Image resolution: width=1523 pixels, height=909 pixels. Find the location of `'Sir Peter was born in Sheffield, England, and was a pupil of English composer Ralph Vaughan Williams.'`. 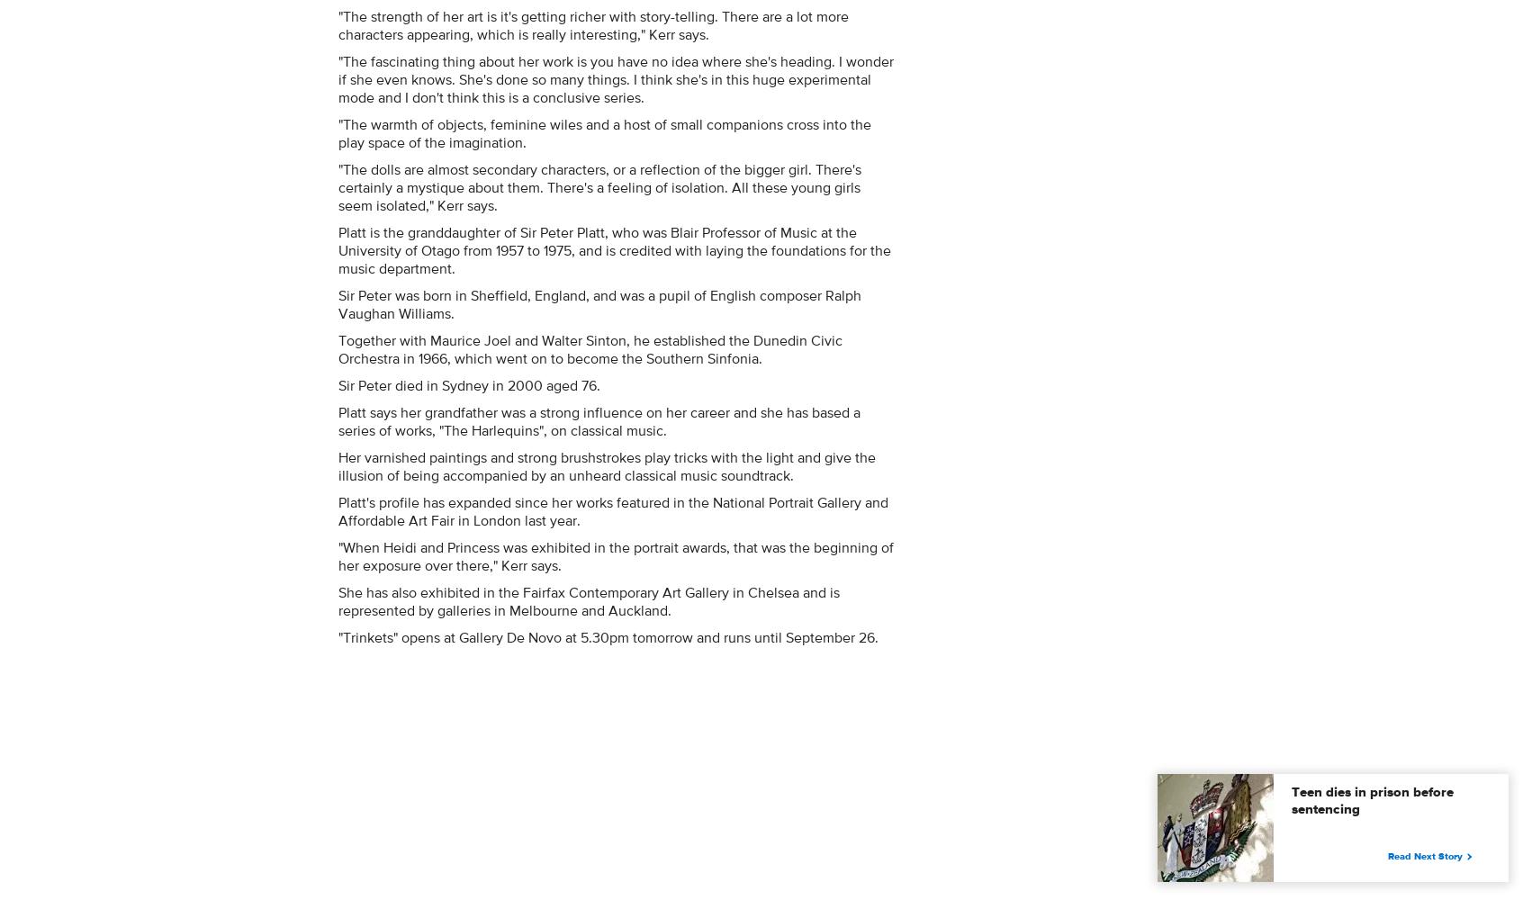

'Sir Peter was born in Sheffield, England, and was a pupil of English composer Ralph Vaughan Williams.' is located at coordinates (599, 304).